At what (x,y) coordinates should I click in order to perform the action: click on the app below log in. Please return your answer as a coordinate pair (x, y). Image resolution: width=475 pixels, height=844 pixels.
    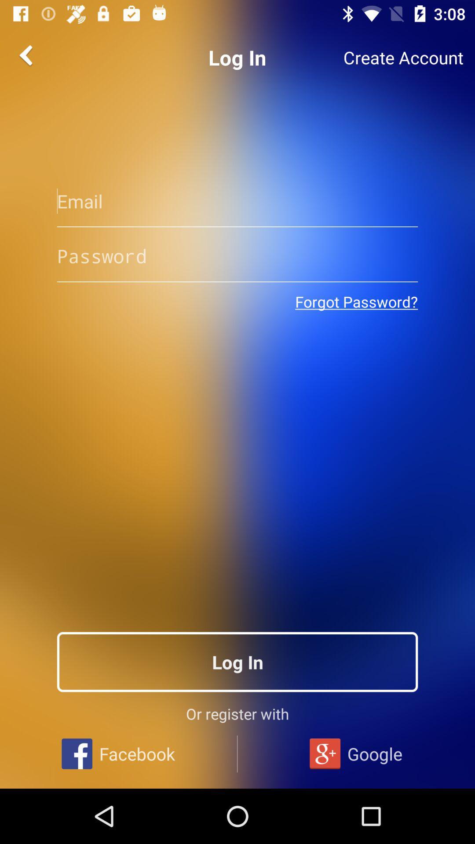
    Looking at the image, I should click on (237, 200).